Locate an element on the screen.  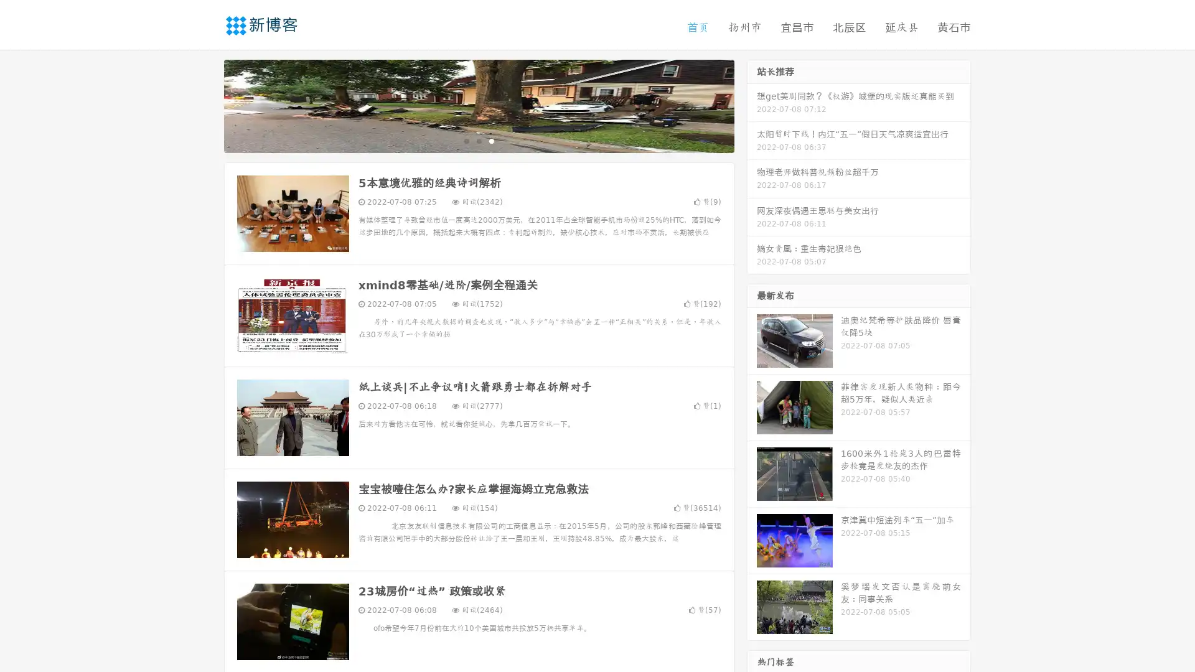
Next slide is located at coordinates (752, 105).